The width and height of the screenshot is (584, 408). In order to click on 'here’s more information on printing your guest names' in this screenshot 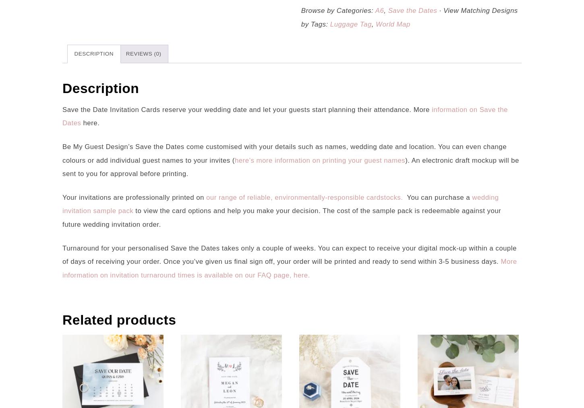, I will do `click(320, 160)`.